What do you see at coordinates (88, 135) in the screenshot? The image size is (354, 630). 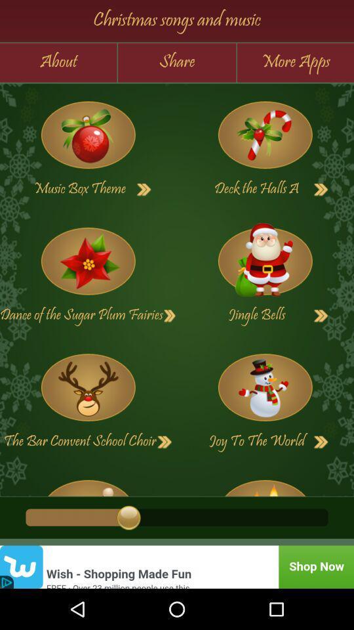 I see `open playlist` at bounding box center [88, 135].